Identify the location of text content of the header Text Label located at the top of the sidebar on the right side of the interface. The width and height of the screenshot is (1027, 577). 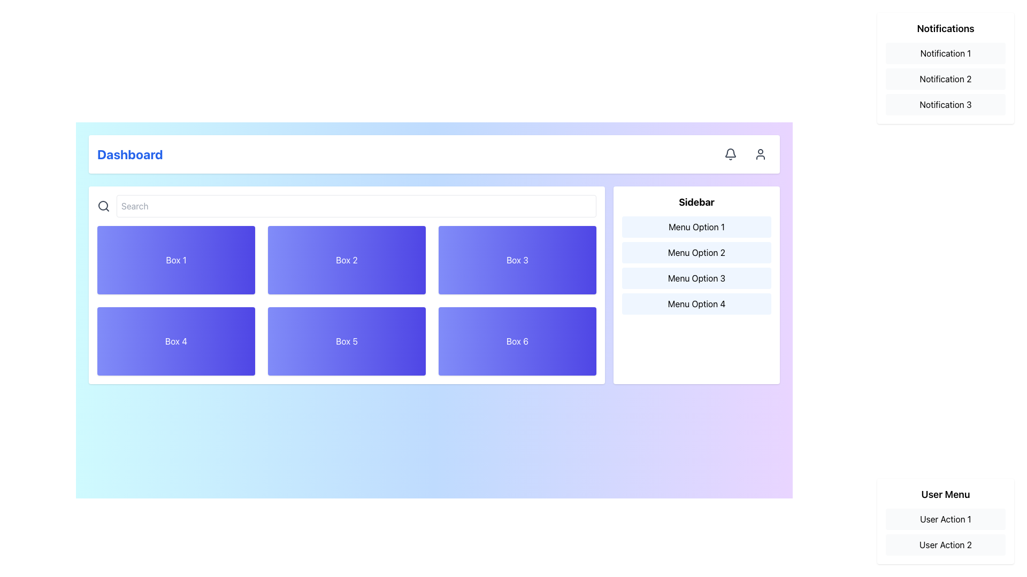
(696, 202).